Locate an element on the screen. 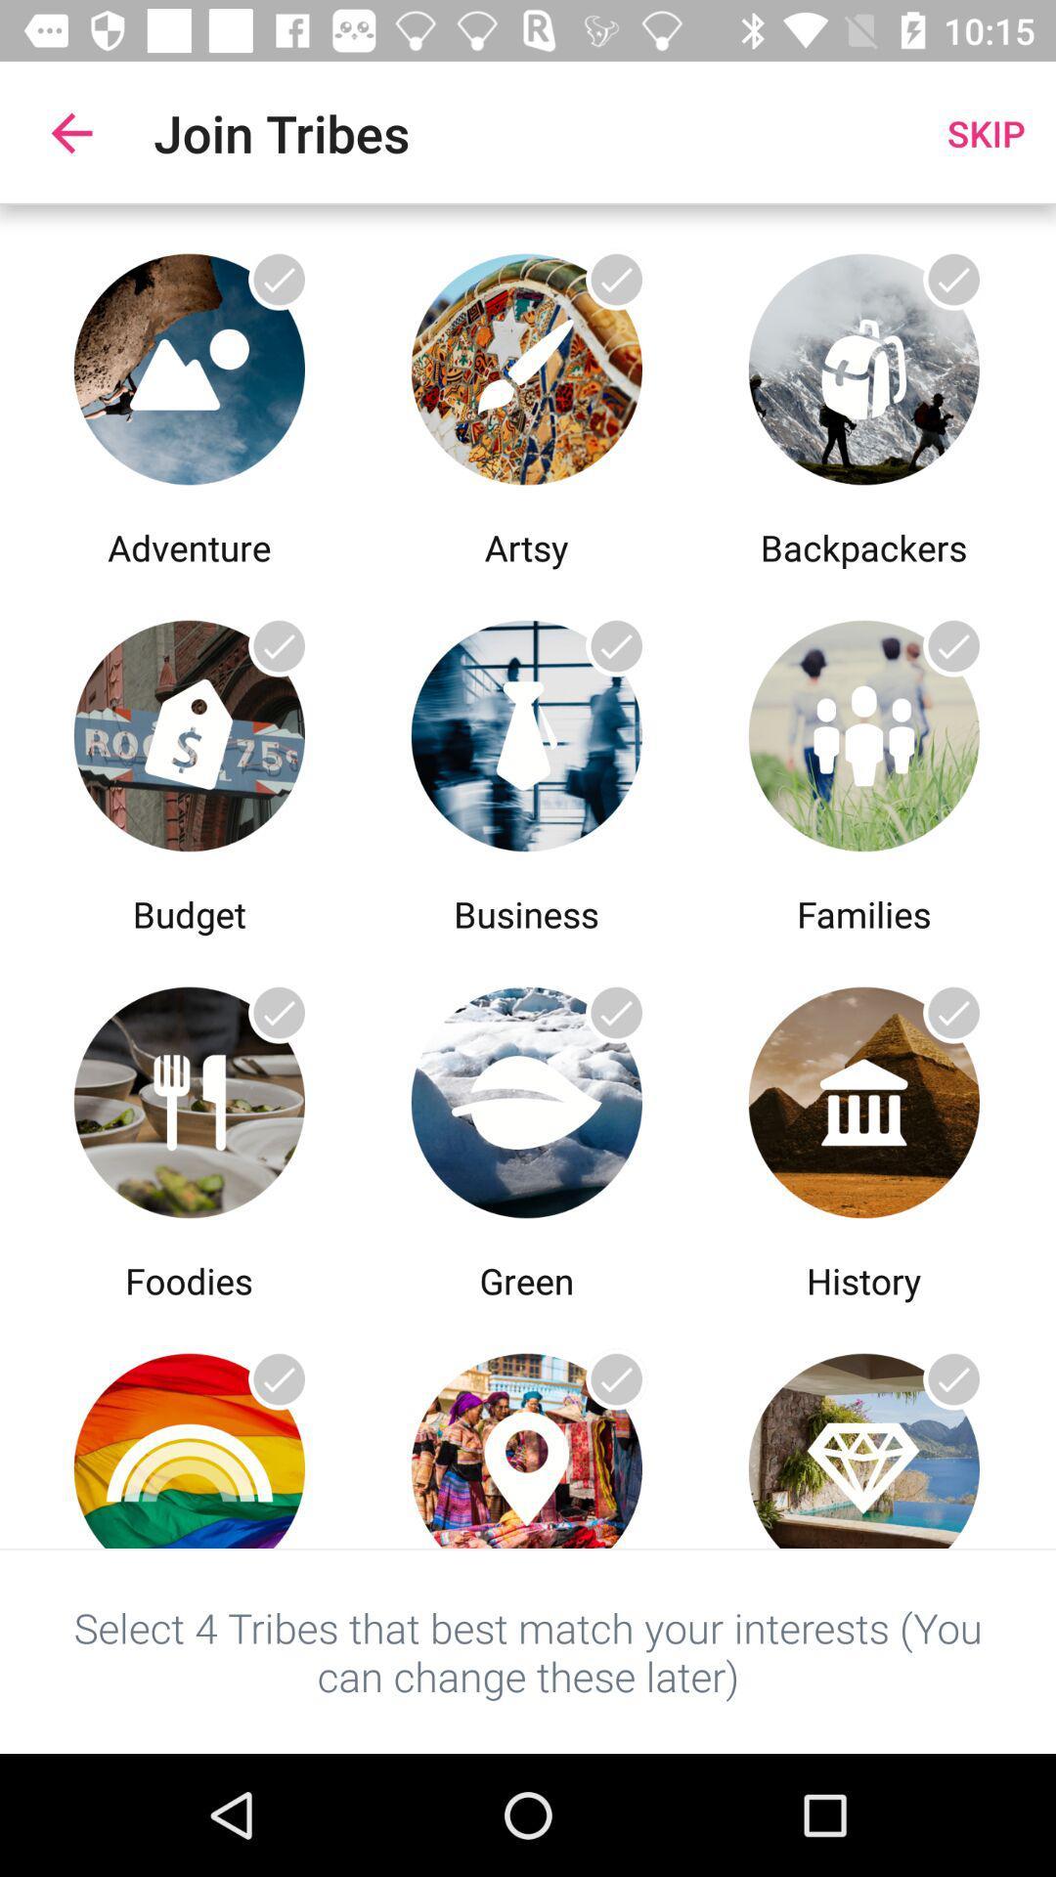  join group is located at coordinates (525, 364).